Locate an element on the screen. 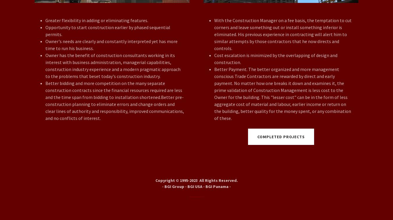  'Copyright © 1995-2023  All Rights Reserved.' is located at coordinates (155, 180).